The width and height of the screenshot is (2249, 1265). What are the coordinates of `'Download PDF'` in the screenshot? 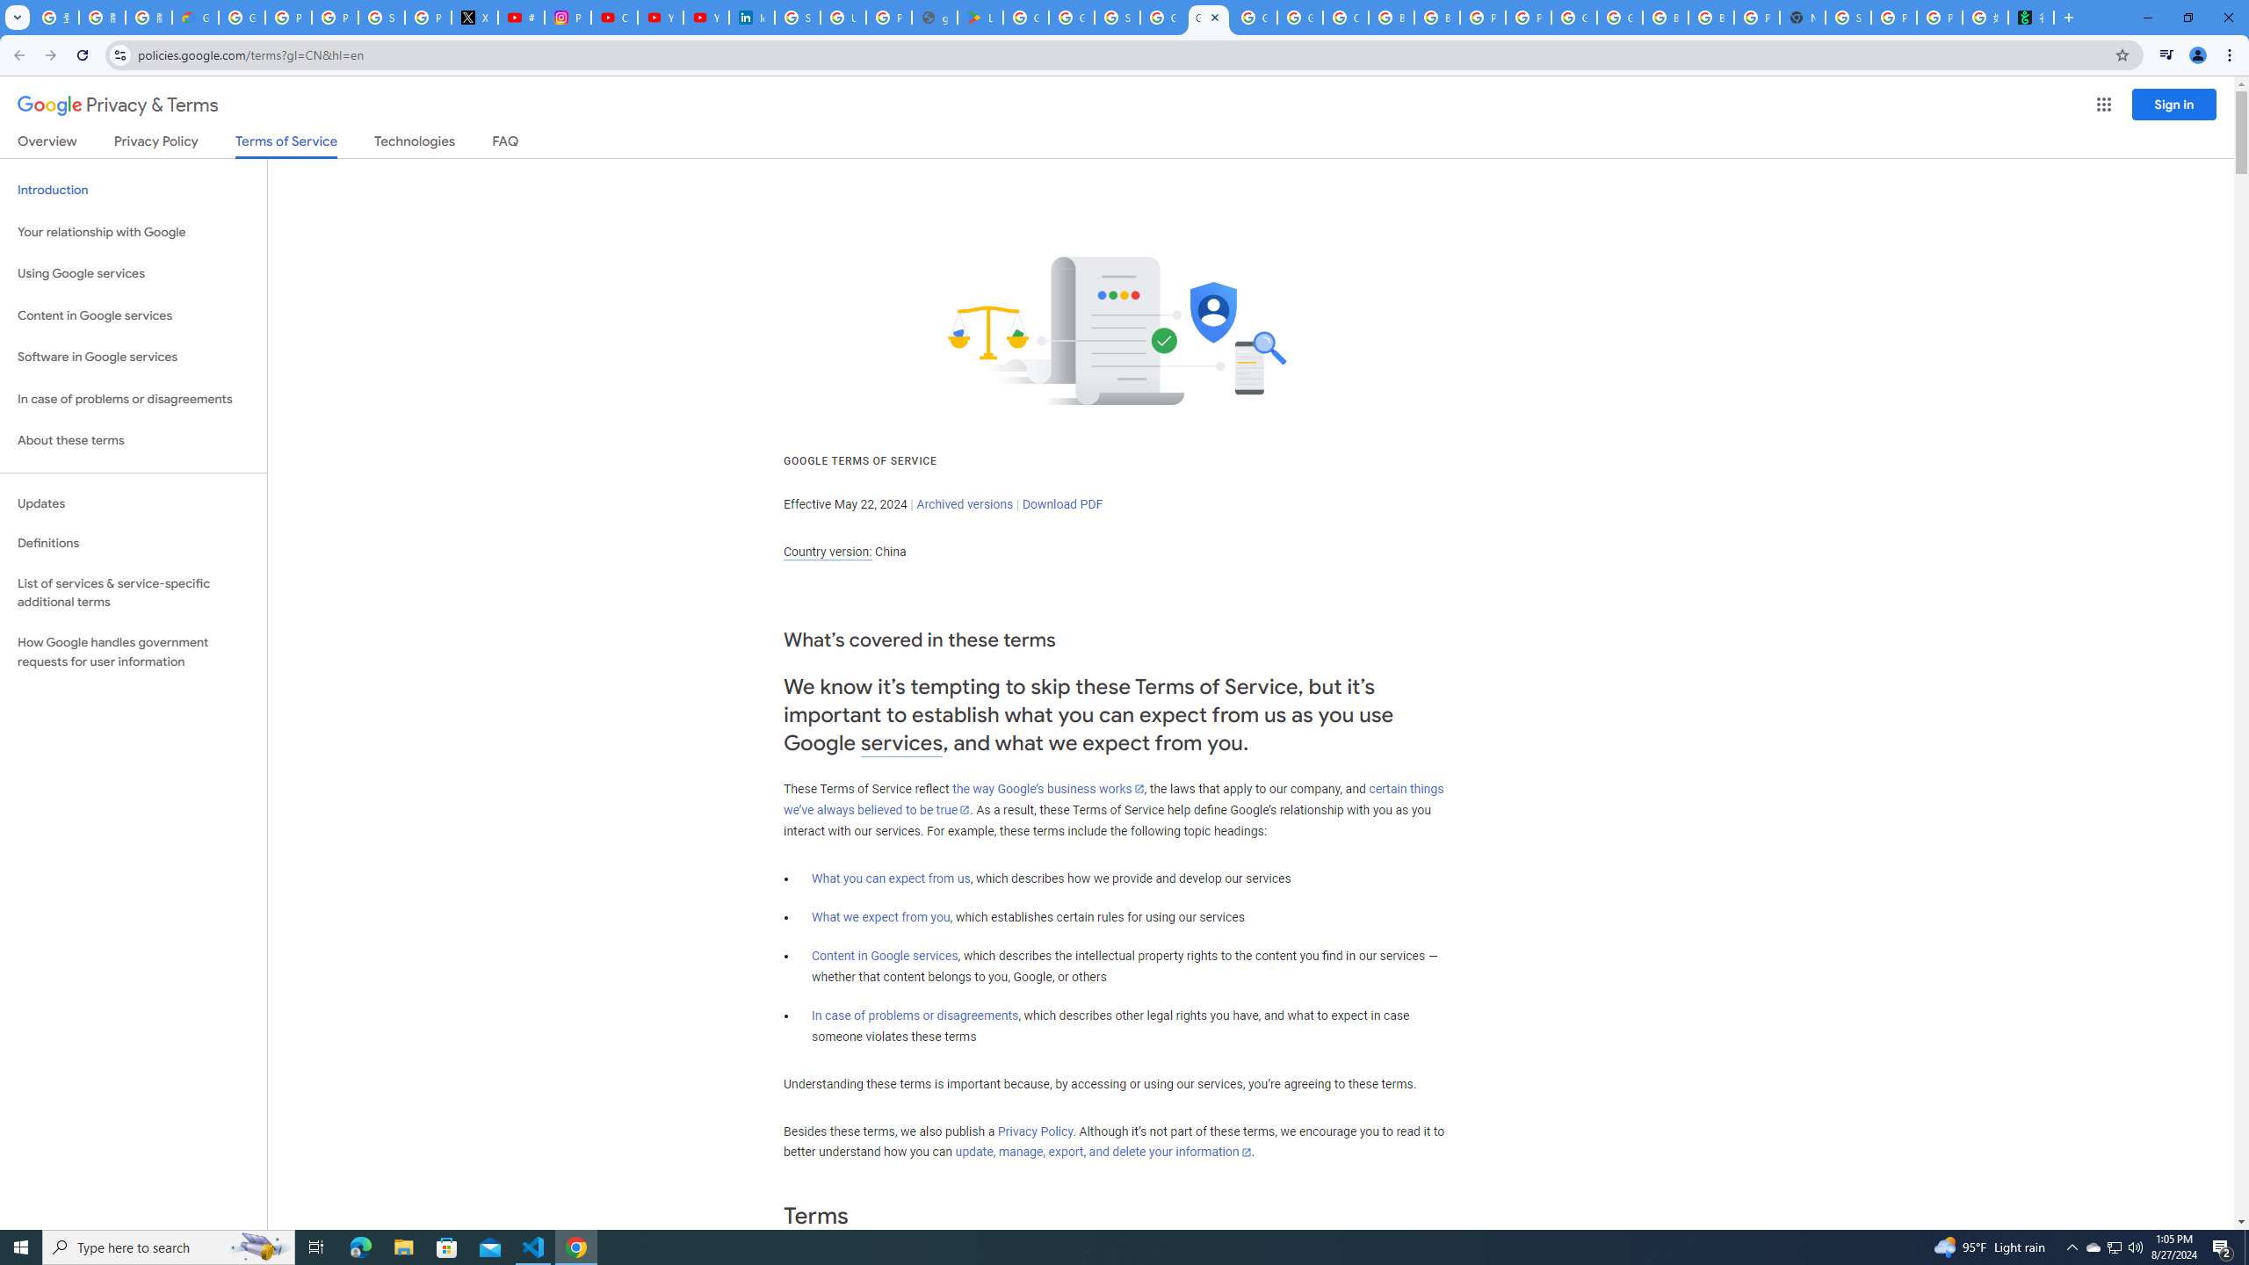 It's located at (1061, 502).